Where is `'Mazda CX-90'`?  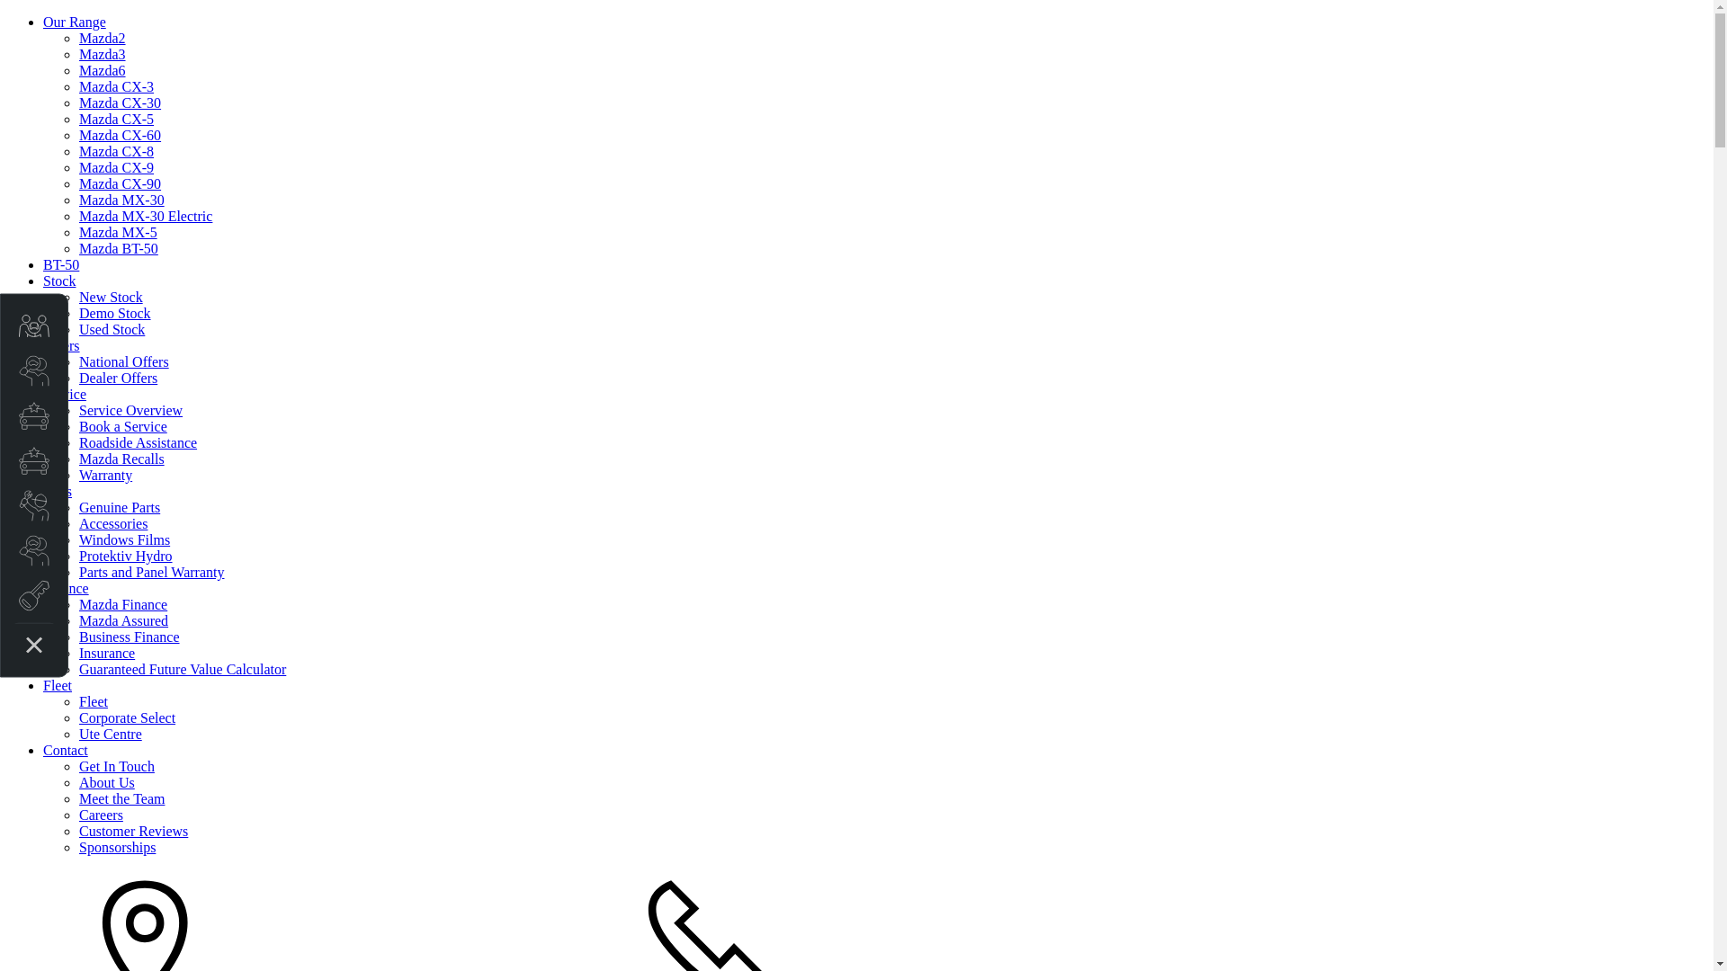 'Mazda CX-90' is located at coordinates (119, 183).